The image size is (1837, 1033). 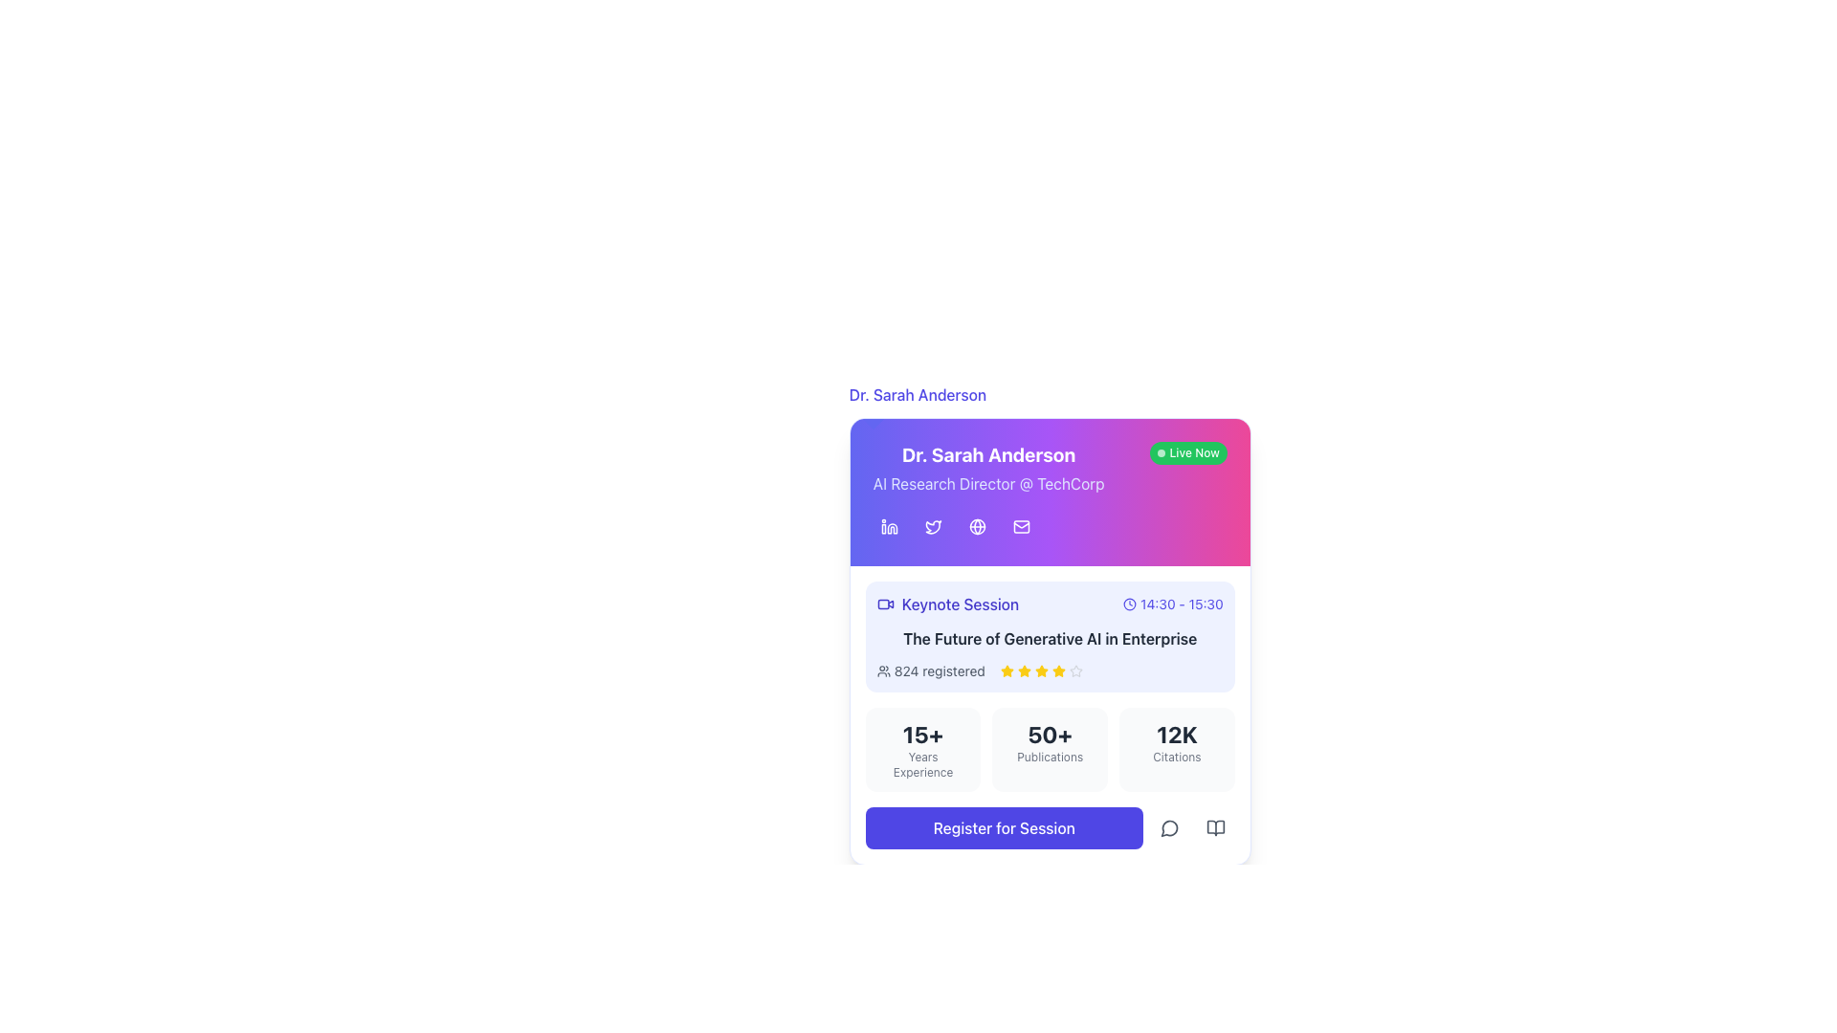 I want to click on the envelope-shaped icon button, which is the fifth icon from the left in a horizontal list of social media or contact method icons, so click(x=1020, y=527).